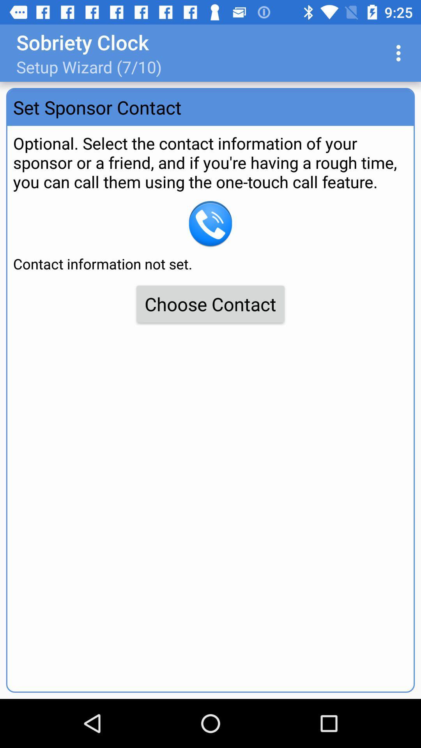 The height and width of the screenshot is (748, 421). Describe the element at coordinates (210, 303) in the screenshot. I see `the choose contact icon` at that location.